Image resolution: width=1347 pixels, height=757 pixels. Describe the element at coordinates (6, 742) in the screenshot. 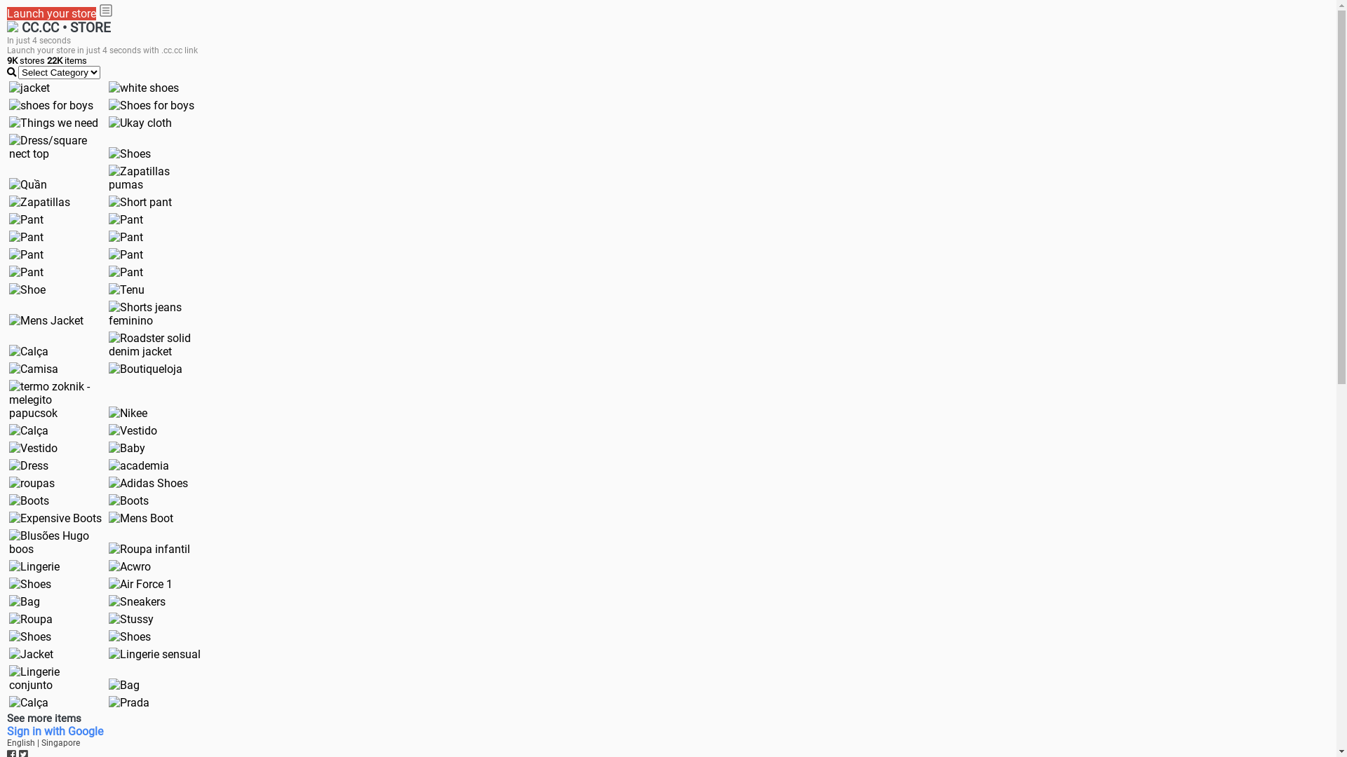

I see `'English'` at that location.